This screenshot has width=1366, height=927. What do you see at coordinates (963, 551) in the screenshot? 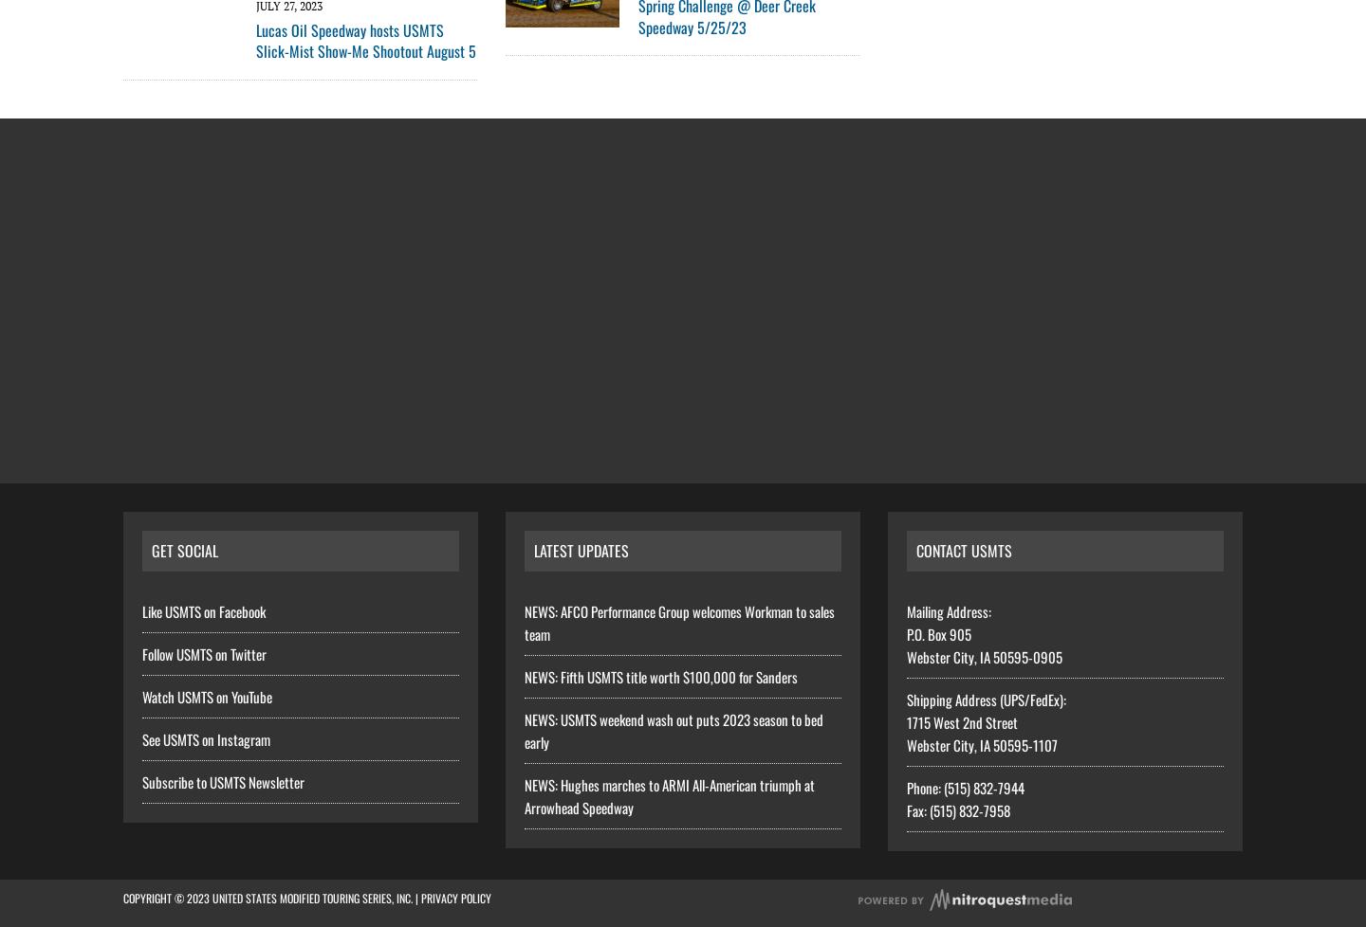
I see `'Contact USMTS'` at bounding box center [963, 551].